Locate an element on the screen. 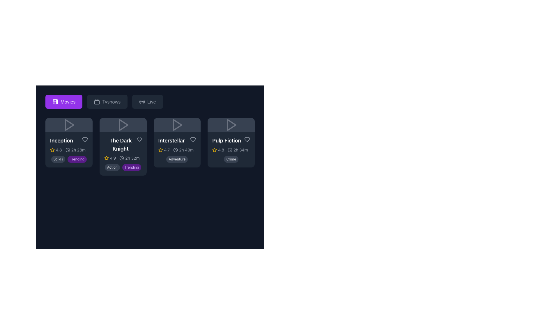  the SVG circle element with a black outline, which is centered within the clock icon and located above the '2h 28m' text label in the 'Inception' movie card under the 'Movies' tab is located at coordinates (68, 150).